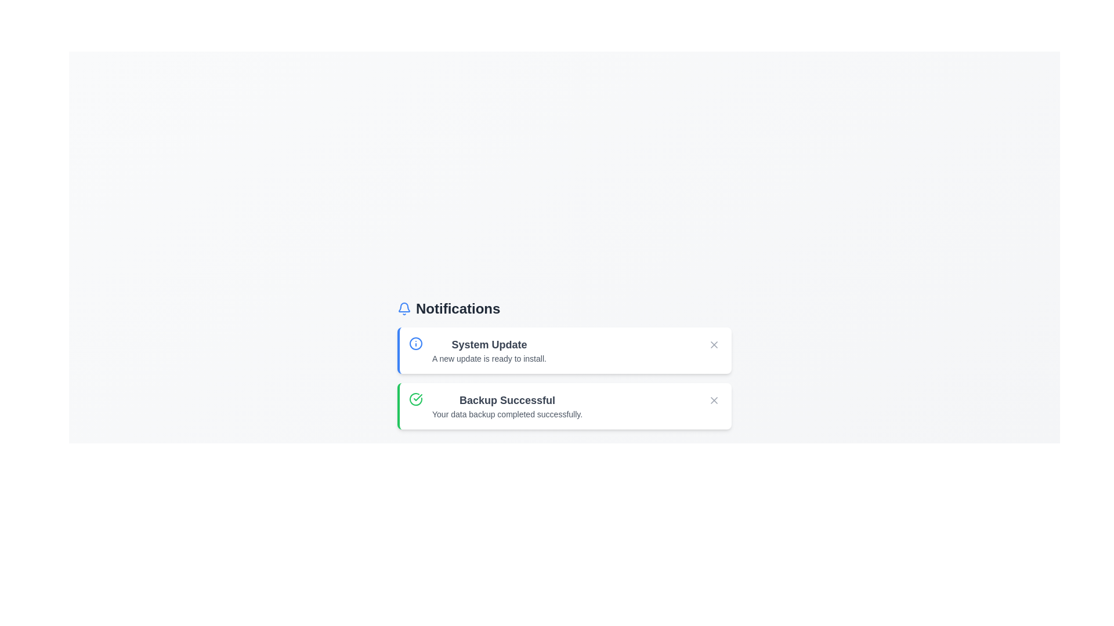 The width and height of the screenshot is (1114, 626). What do you see at coordinates (507, 413) in the screenshot?
I see `the informational text indicating successful completion of a data backup, positioned below the headline 'Backup Successful' in the notification card` at bounding box center [507, 413].